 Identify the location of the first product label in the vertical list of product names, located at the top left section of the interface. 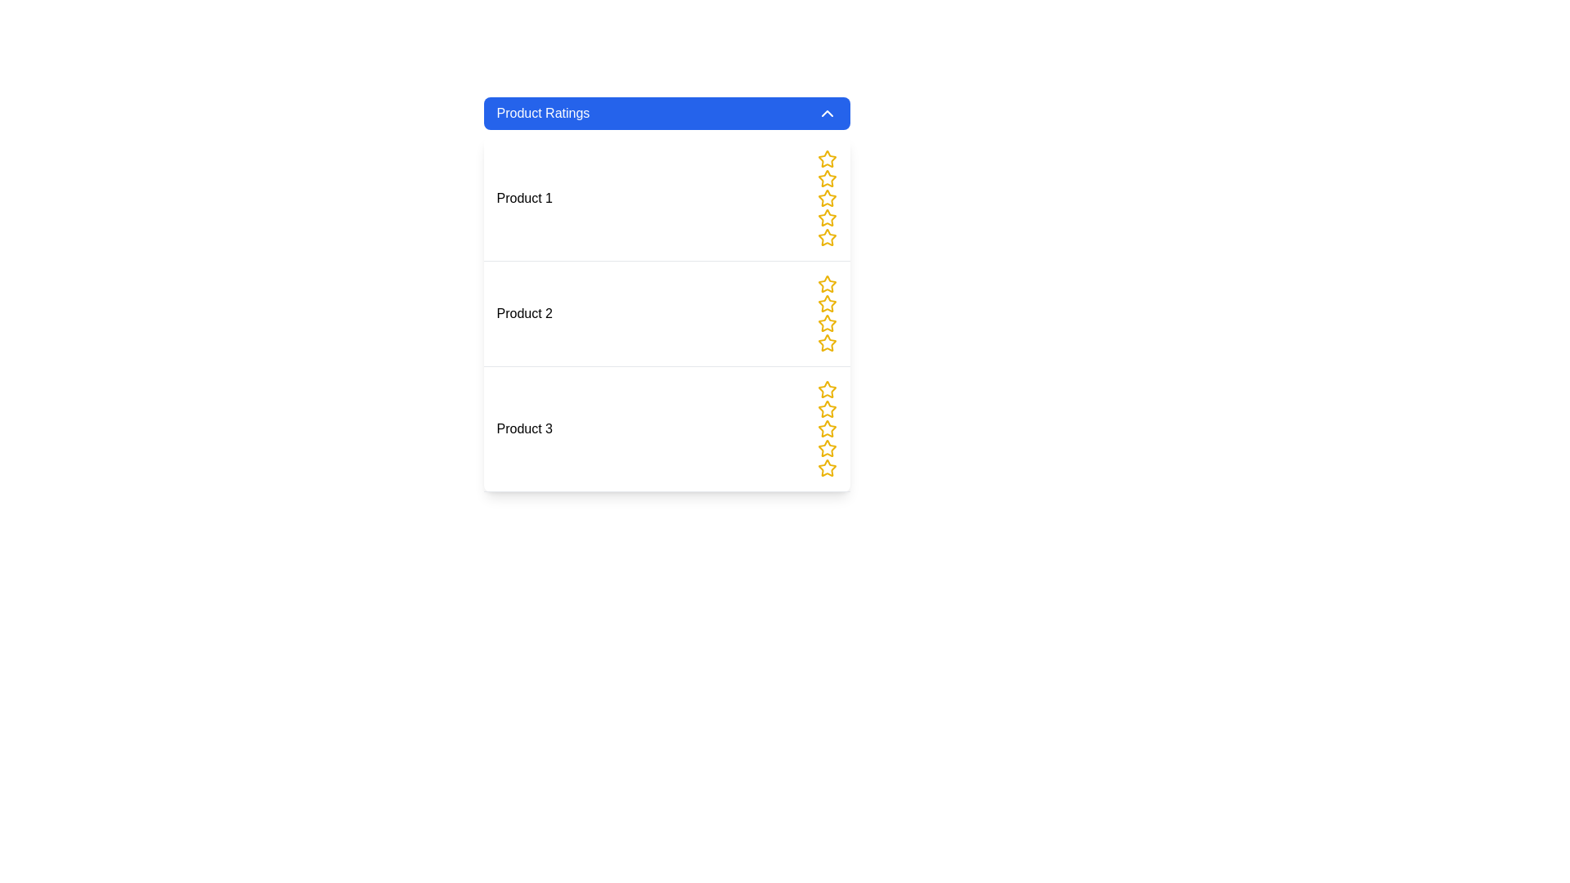
(524, 198).